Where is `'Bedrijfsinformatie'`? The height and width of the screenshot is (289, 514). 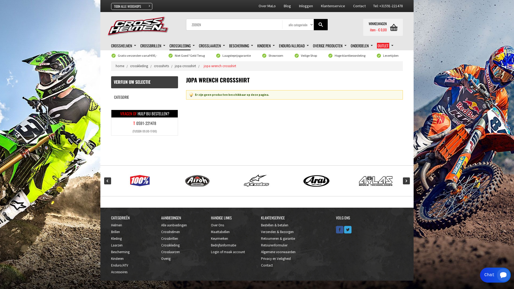
'Bedrijfsinformatie' is located at coordinates (224, 245).